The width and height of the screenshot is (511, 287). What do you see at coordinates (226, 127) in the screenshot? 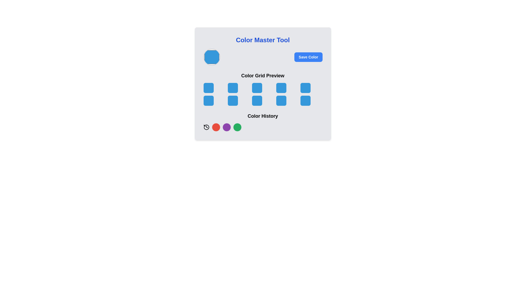
I see `the circular purple color indicator located` at bounding box center [226, 127].